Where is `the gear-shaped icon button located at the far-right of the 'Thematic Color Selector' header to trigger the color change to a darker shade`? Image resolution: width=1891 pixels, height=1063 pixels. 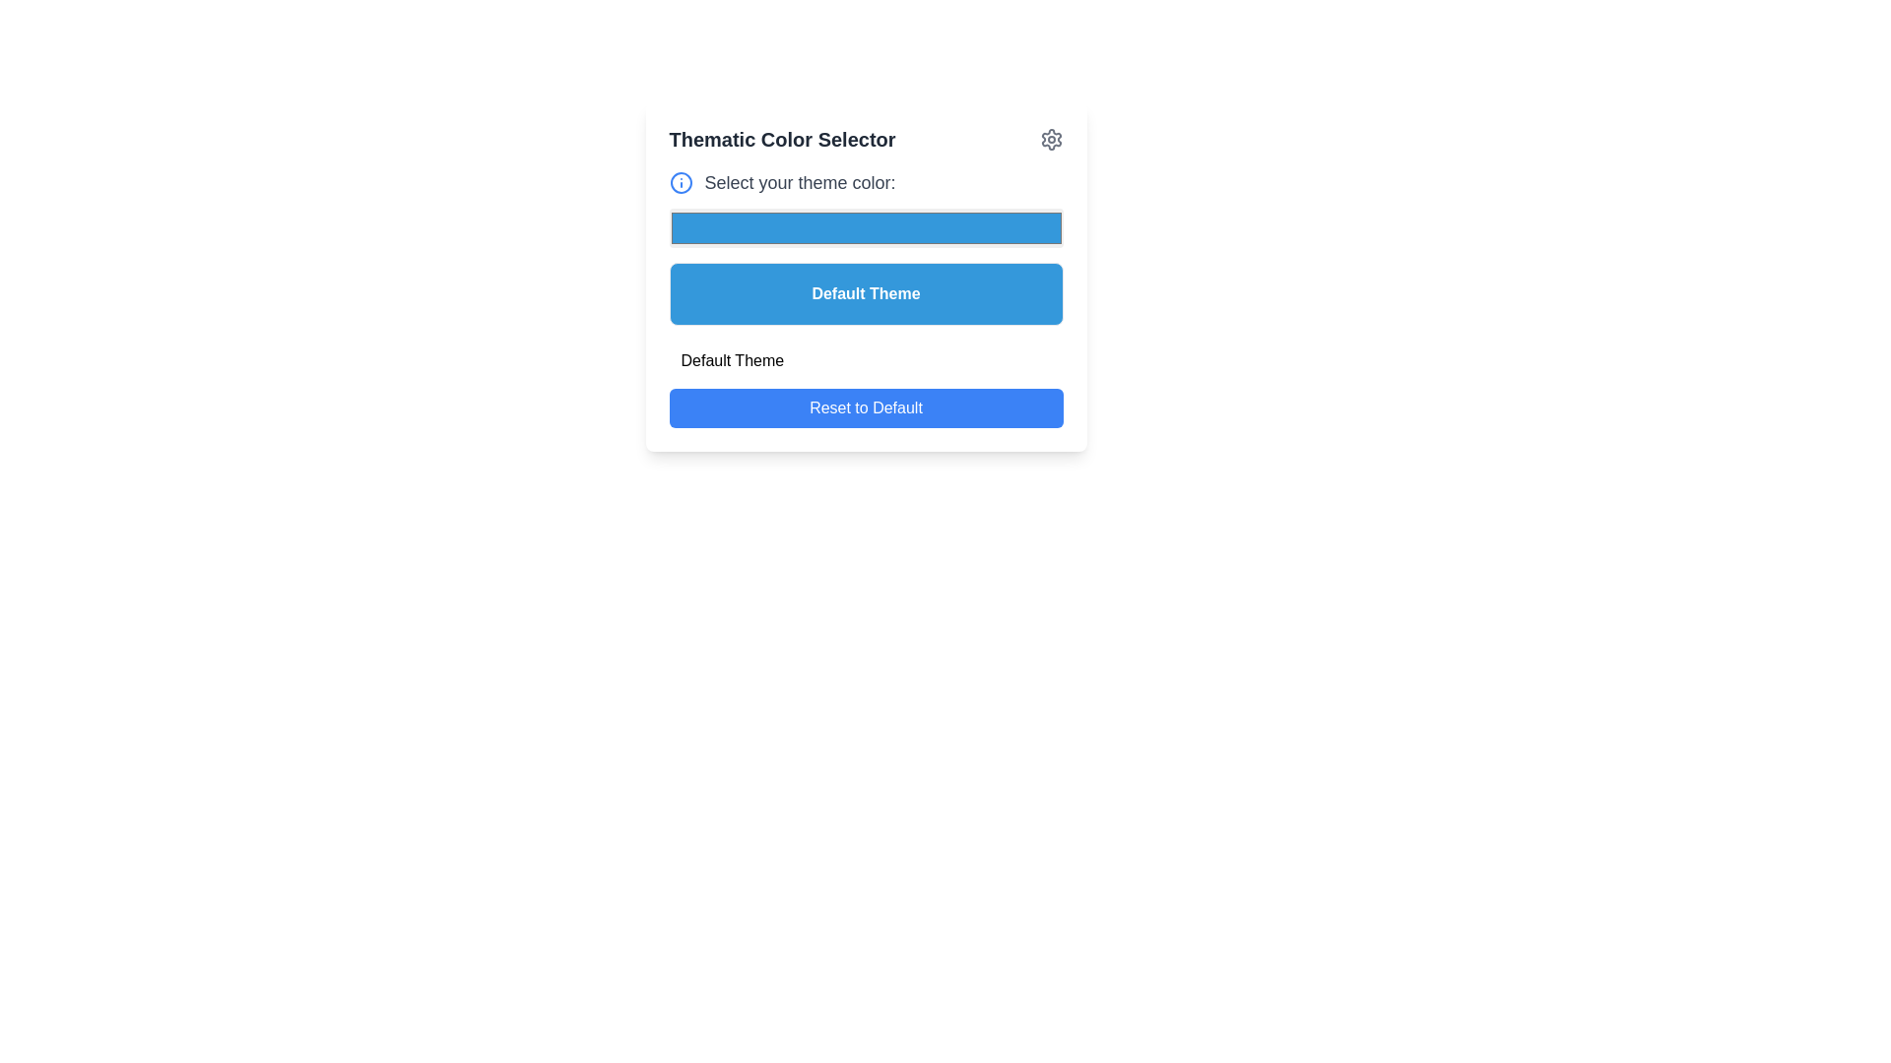
the gear-shaped icon button located at the far-right of the 'Thematic Color Selector' header to trigger the color change to a darker shade is located at coordinates (1050, 139).